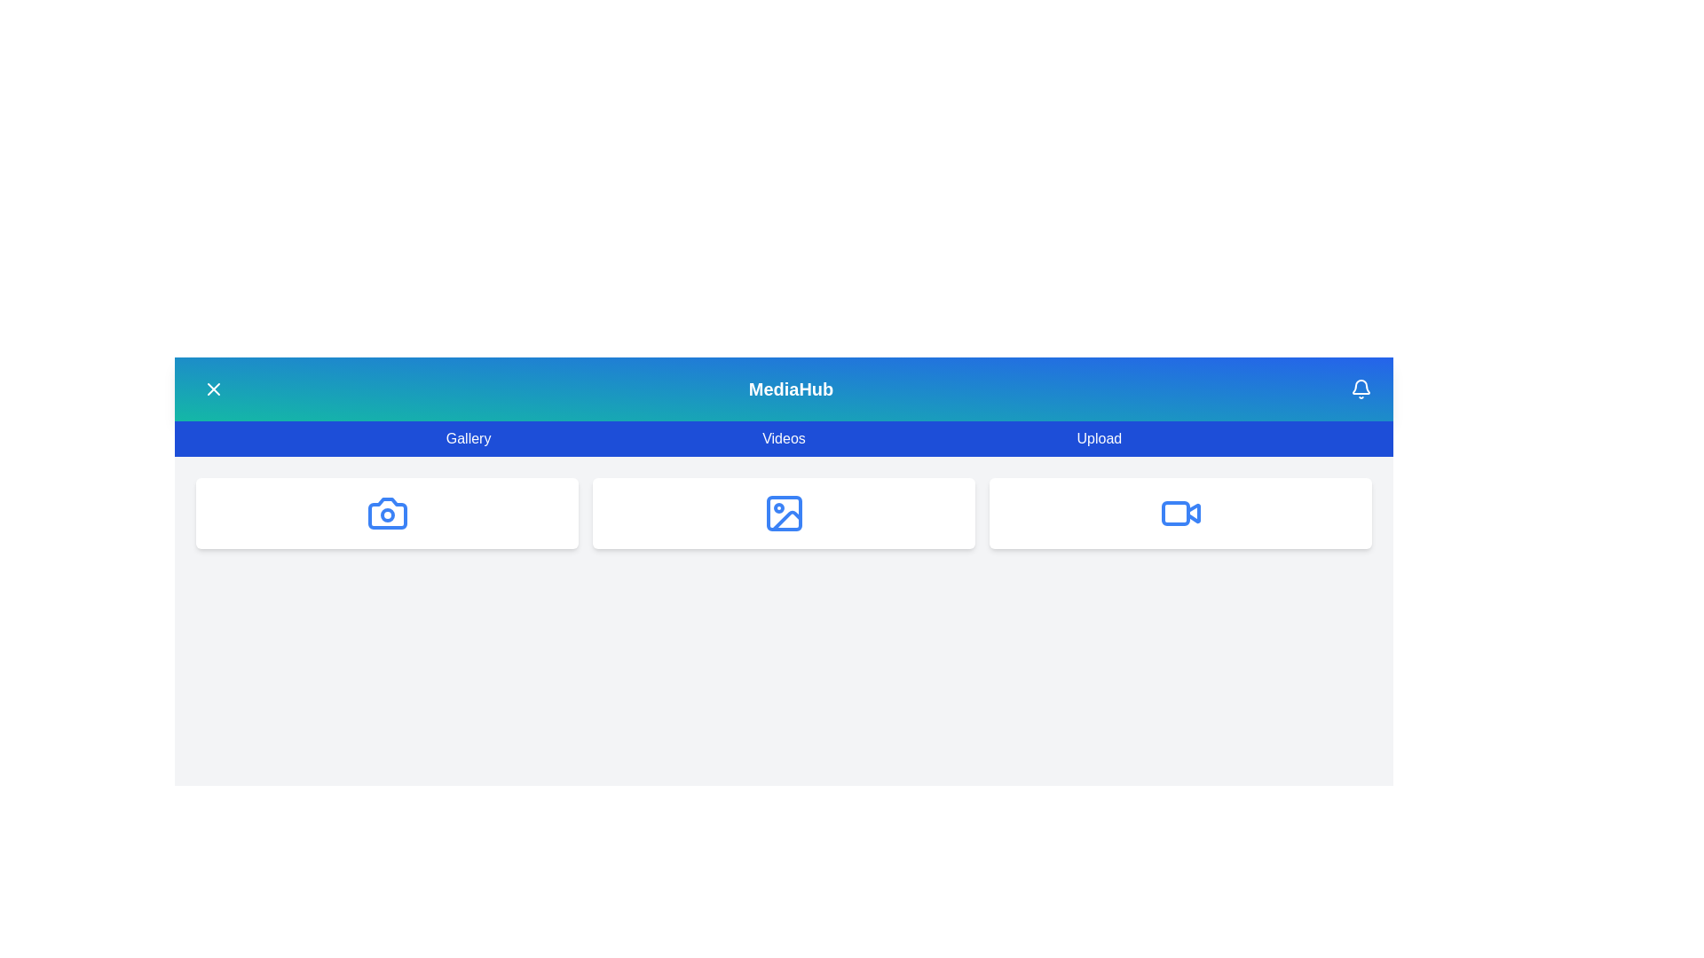  Describe the element at coordinates (1098, 438) in the screenshot. I see `the 'Upload' link in the navigation bar` at that location.